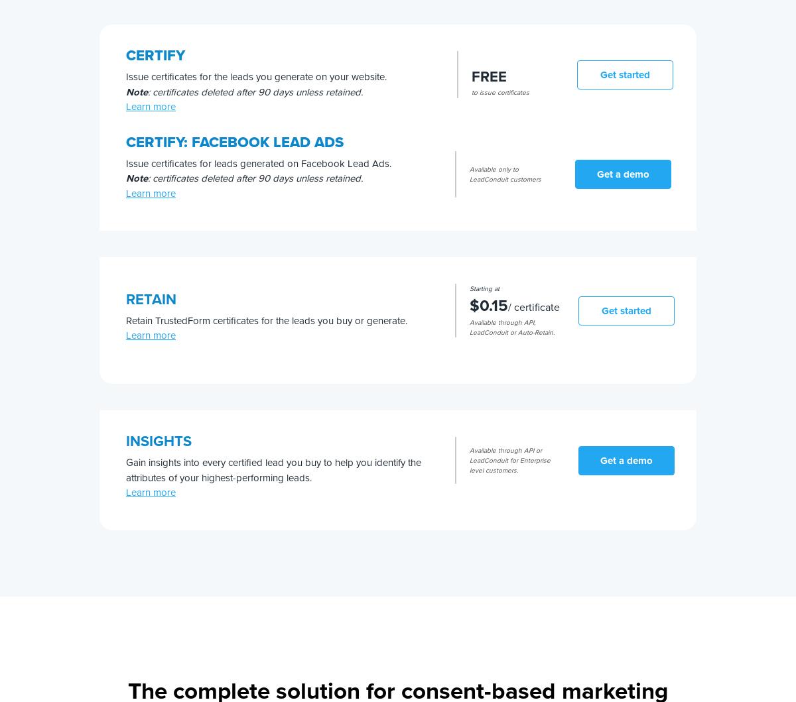  Describe the element at coordinates (125, 469) in the screenshot. I see `'Gain insights into every certified lead you buy to help you identify the attributes of your highest-performing leads.'` at that location.